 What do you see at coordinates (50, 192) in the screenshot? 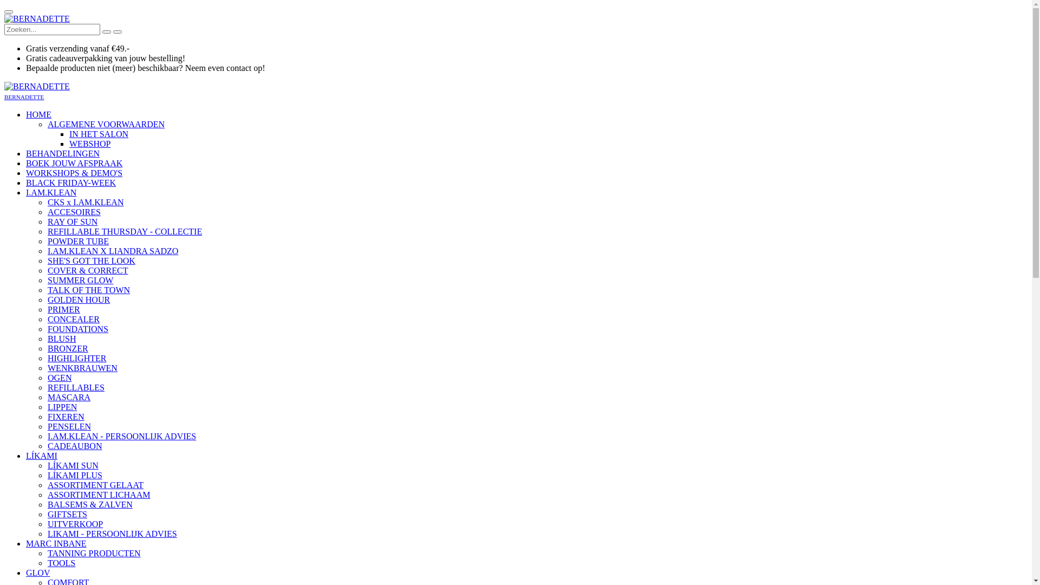
I see `'I.AM.KLEAN'` at bounding box center [50, 192].